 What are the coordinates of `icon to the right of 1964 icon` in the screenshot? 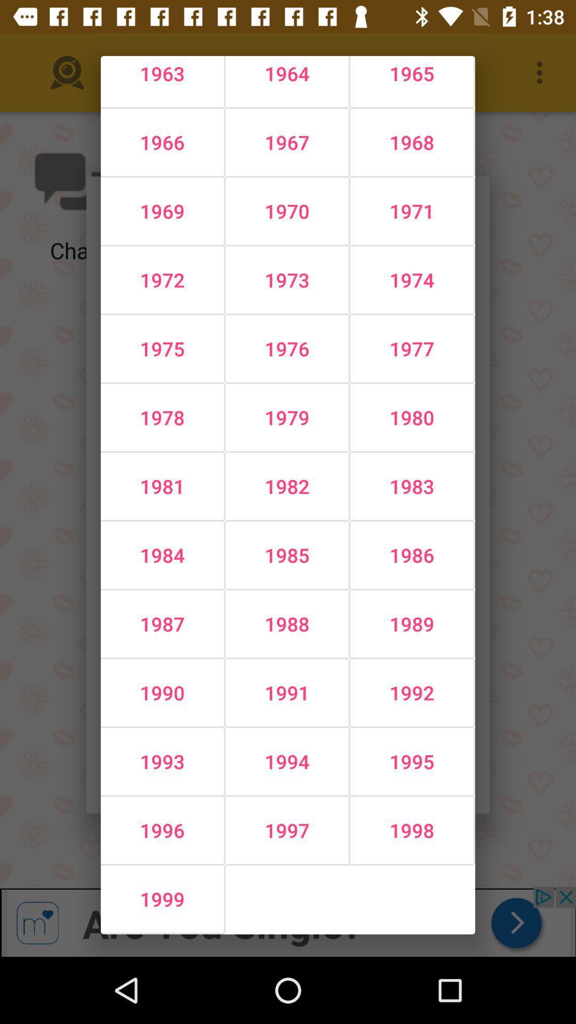 It's located at (411, 142).